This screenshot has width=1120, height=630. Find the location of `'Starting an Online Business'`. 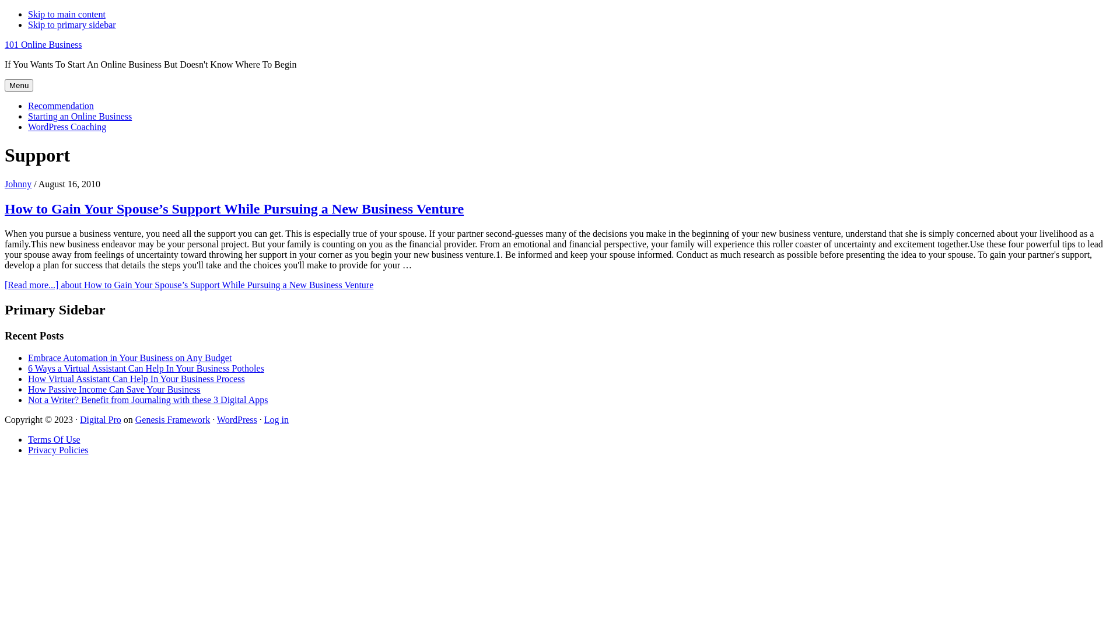

'Starting an Online Business' is located at coordinates (79, 116).